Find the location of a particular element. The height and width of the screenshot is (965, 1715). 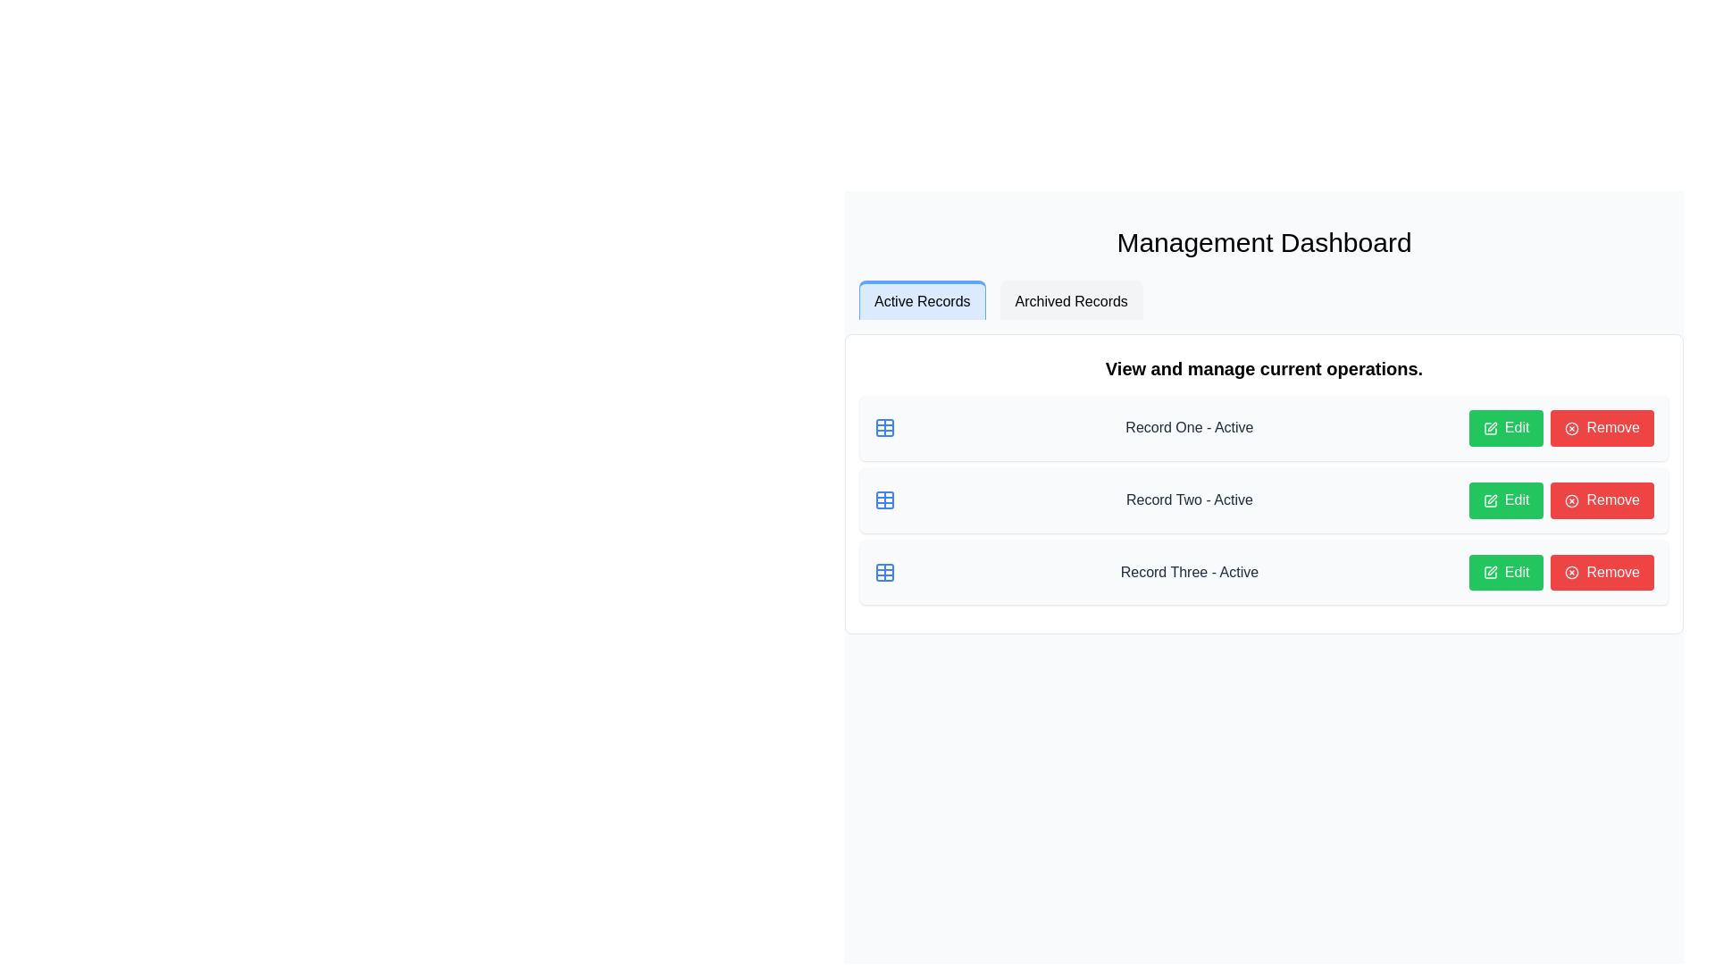

the edit button located to the right of the 'Record Two - Active' text in the second row of the list under 'View and manage current operations' is located at coordinates (1505, 500).